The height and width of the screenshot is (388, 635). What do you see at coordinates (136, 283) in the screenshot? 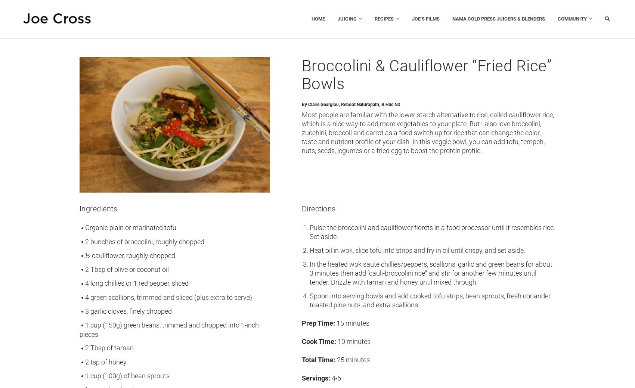
I see `'4 long chillies or 1 red pepper, sliced'` at bounding box center [136, 283].